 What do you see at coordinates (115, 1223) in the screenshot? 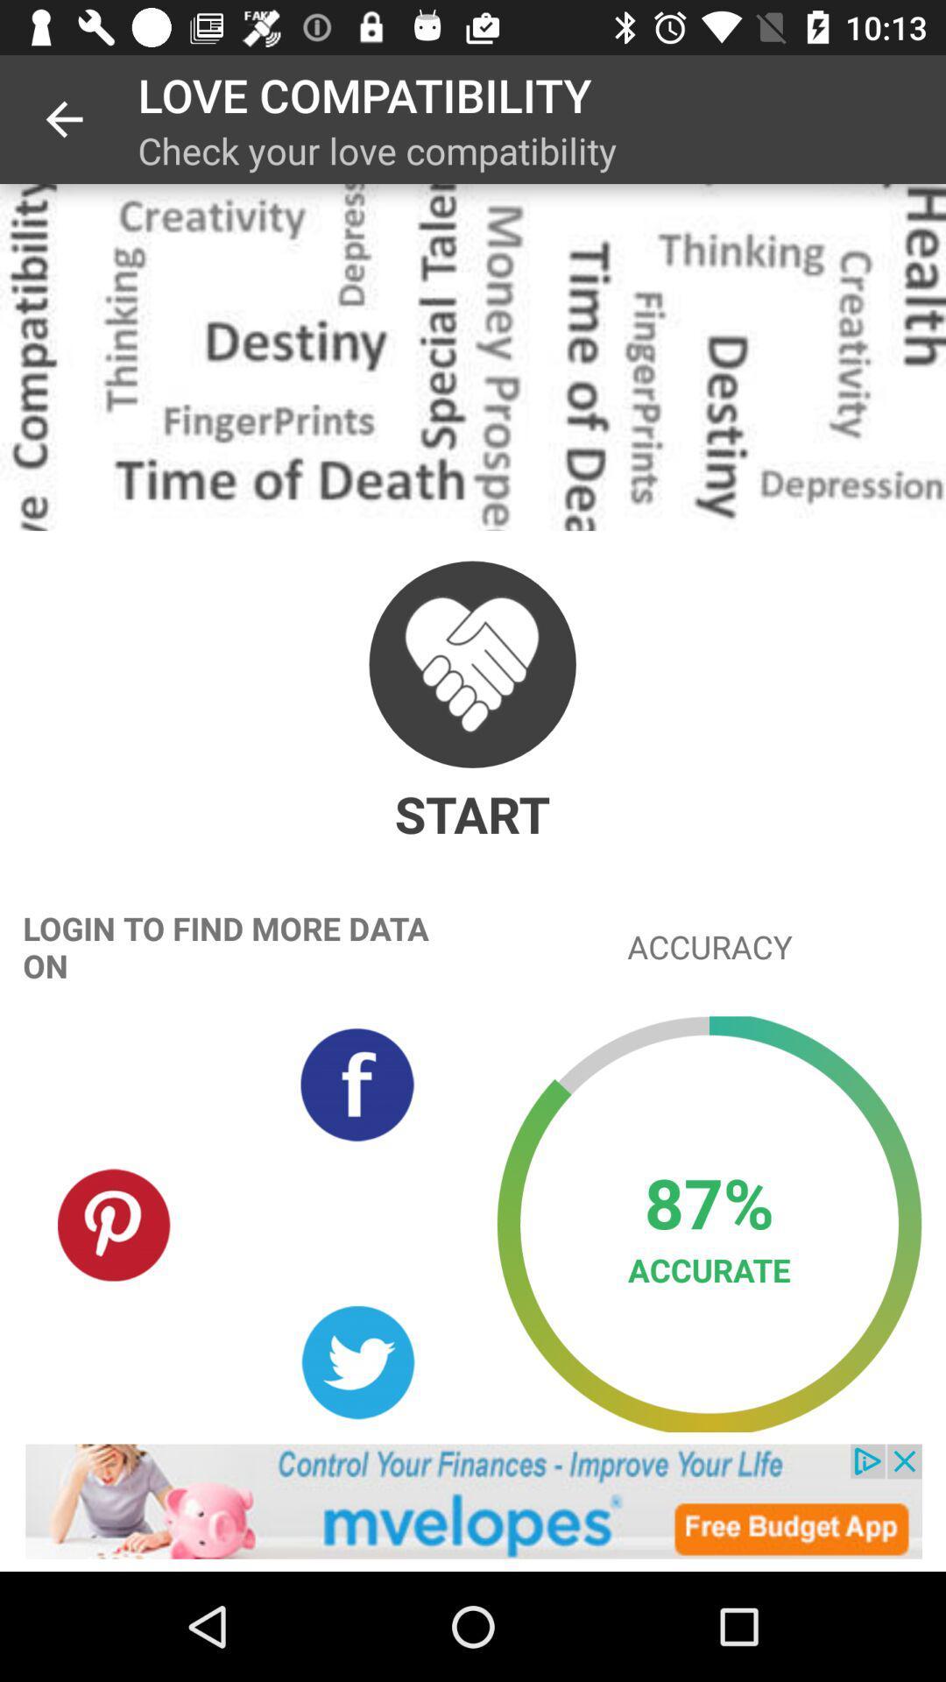
I see `share on pinterest` at bounding box center [115, 1223].